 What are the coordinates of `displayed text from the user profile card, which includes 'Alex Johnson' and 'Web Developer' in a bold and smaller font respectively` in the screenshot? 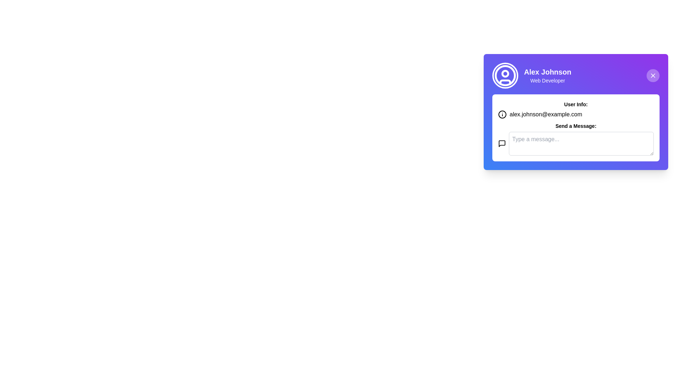 It's located at (547, 75).